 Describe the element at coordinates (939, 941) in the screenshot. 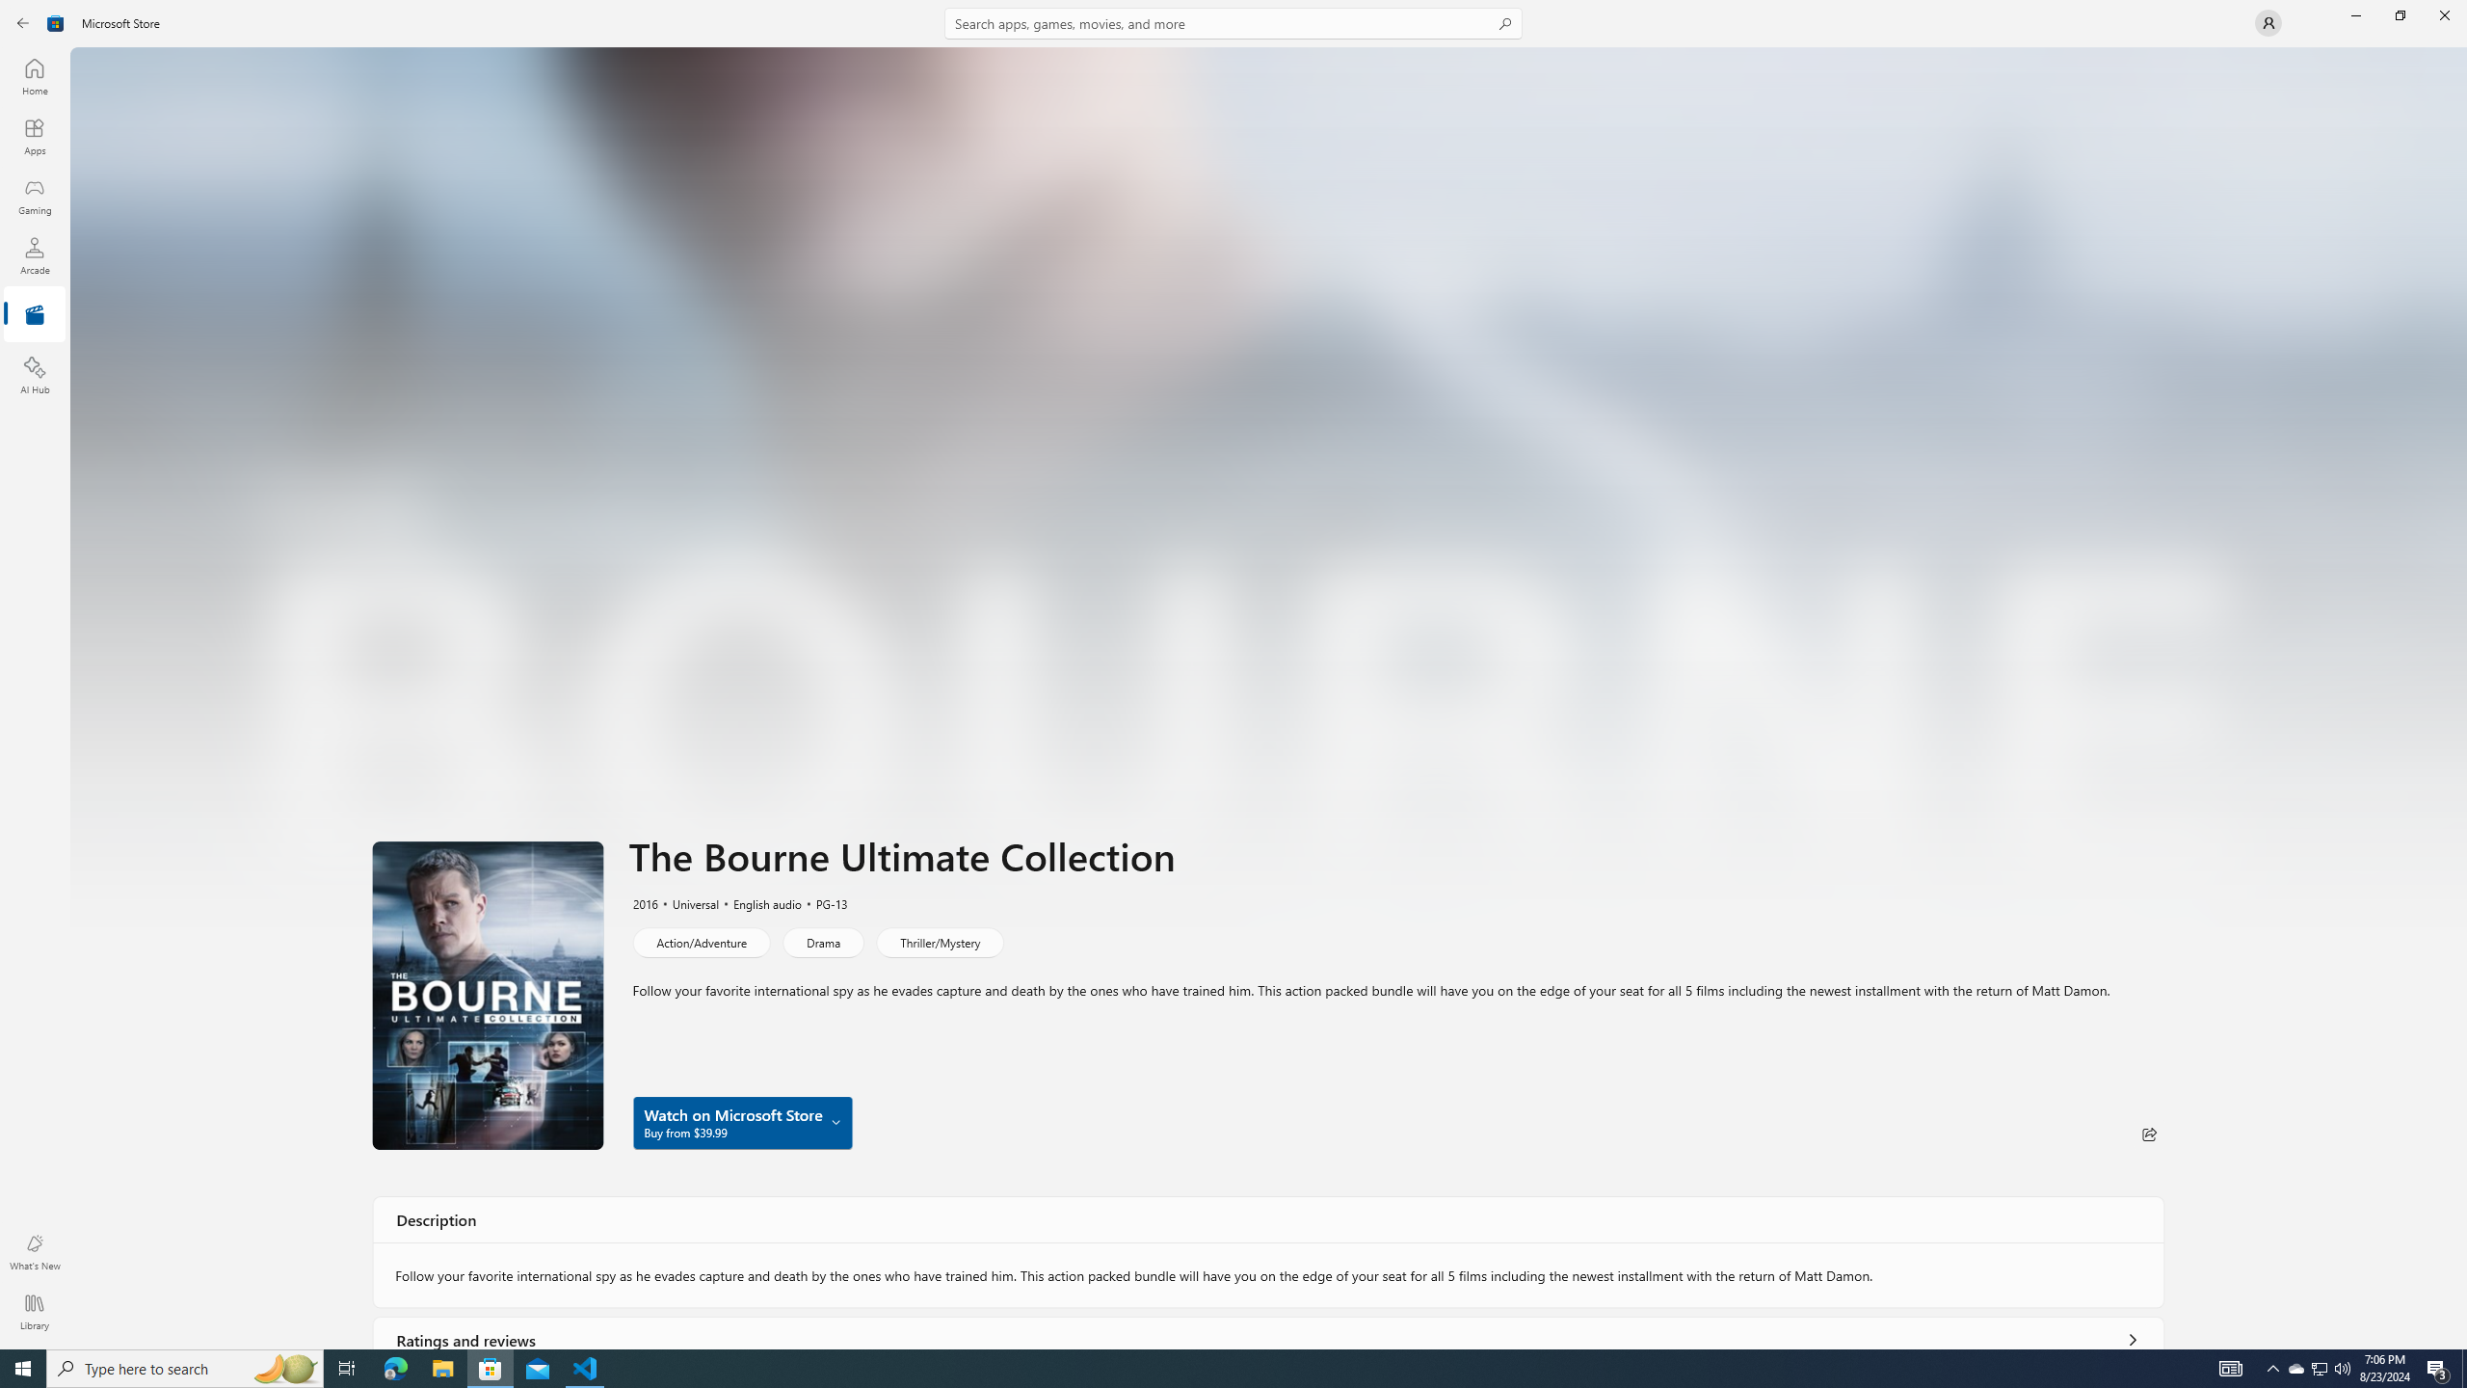

I see `'Thriller/Mystery'` at that location.